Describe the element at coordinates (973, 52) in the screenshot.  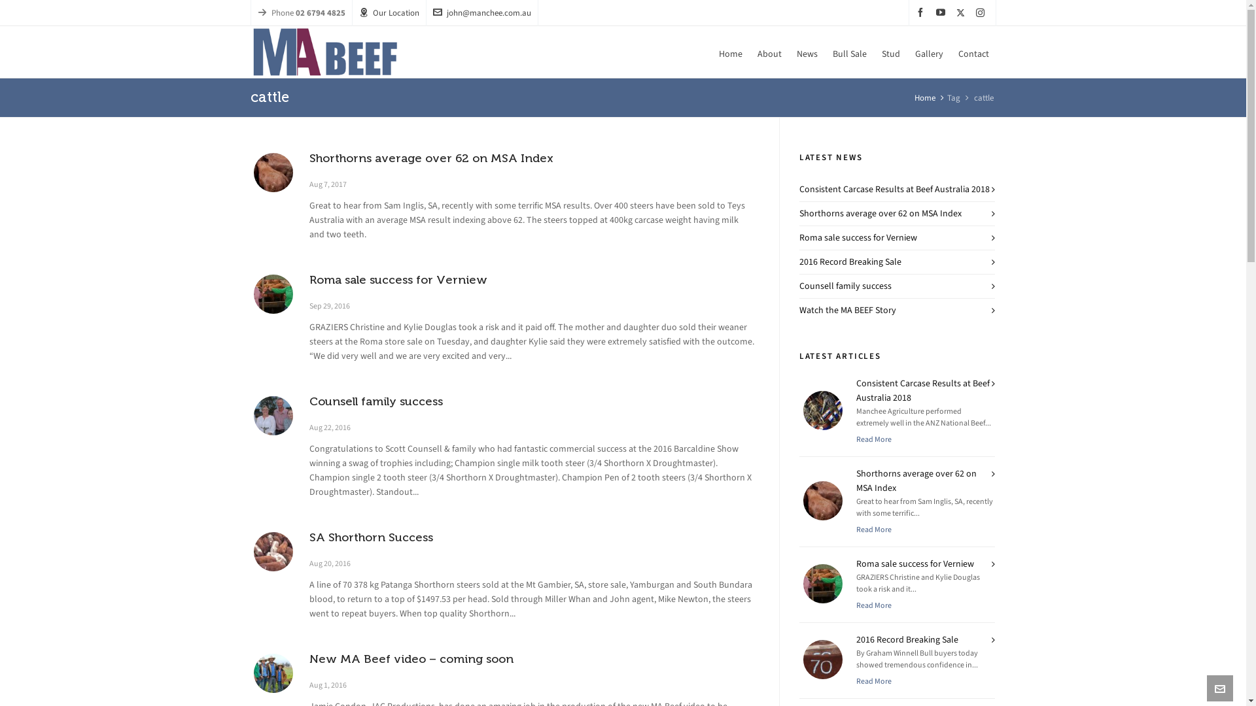
I see `'Contact'` at that location.